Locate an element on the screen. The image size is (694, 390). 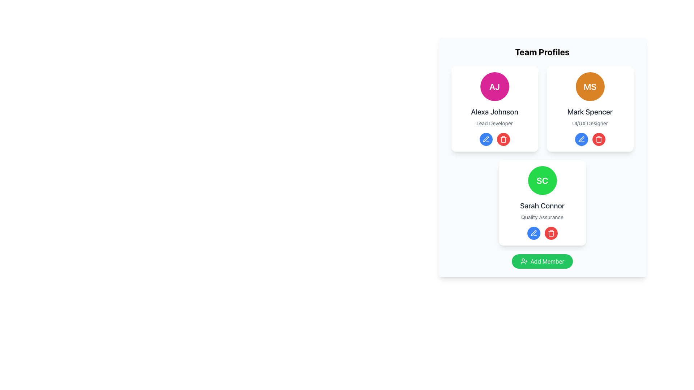
the graphical badge representing the 'Mark Spencer' profile card located at the top-right of the Team Profiles section is located at coordinates (590, 86).